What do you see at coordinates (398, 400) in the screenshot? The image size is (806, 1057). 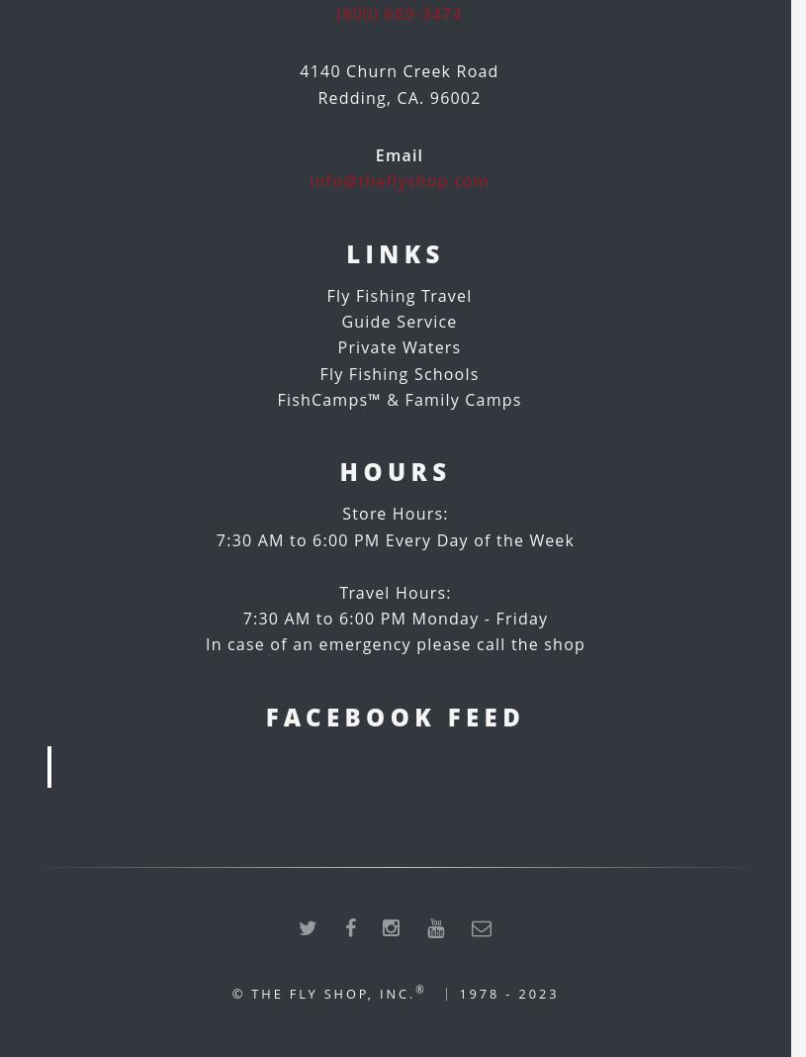 I see `'FishCamps™ & Family Camps'` at bounding box center [398, 400].